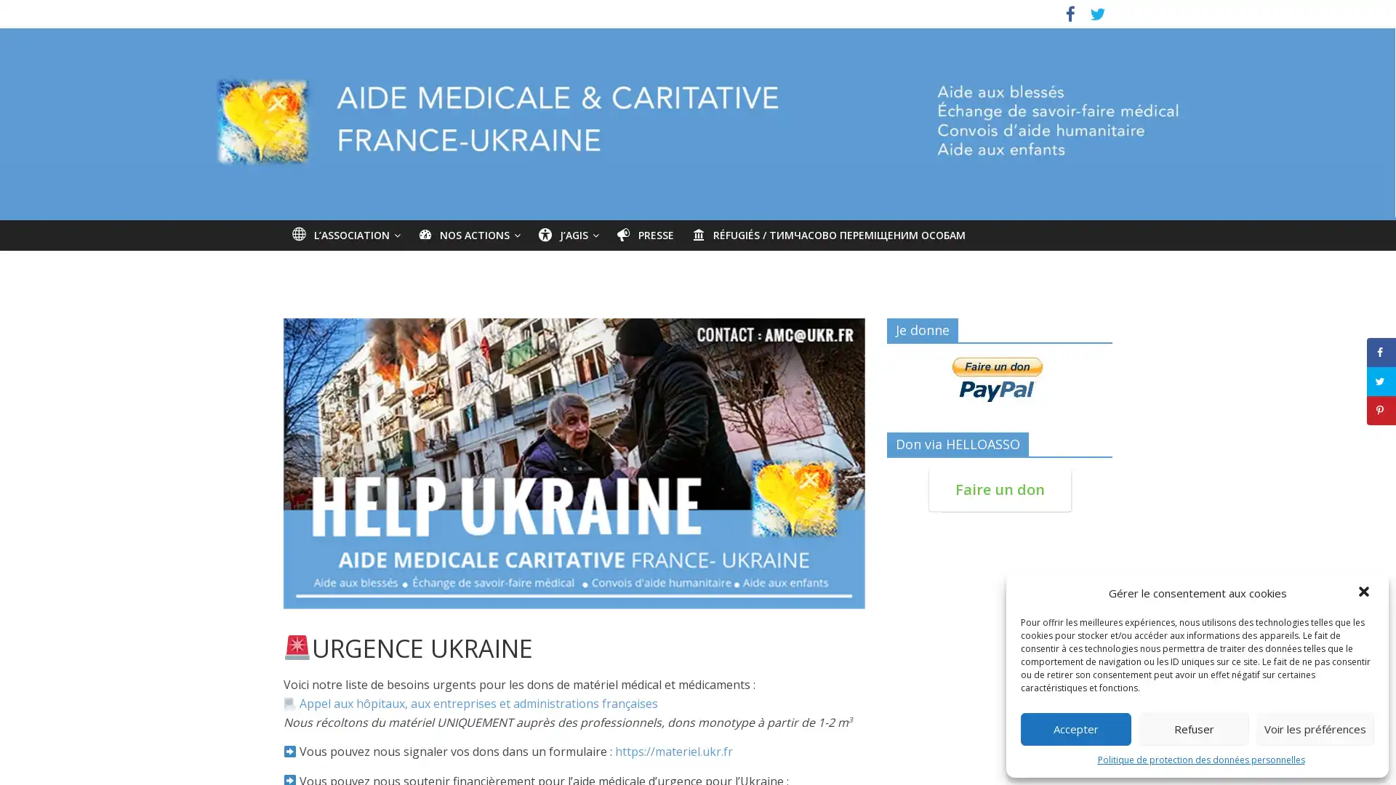 This screenshot has height=785, width=1396. What do you see at coordinates (1075, 728) in the screenshot?
I see `Accepter` at bounding box center [1075, 728].